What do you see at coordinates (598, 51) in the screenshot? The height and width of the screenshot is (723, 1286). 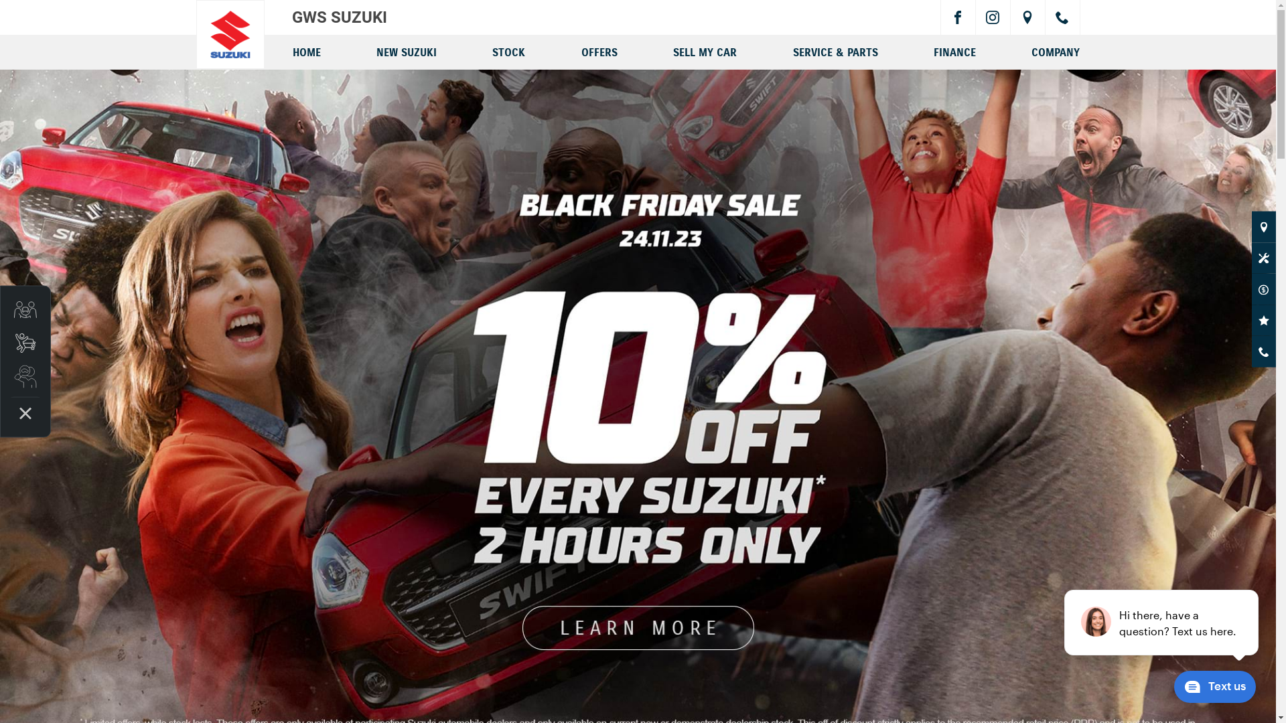 I see `'OFFERS'` at bounding box center [598, 51].